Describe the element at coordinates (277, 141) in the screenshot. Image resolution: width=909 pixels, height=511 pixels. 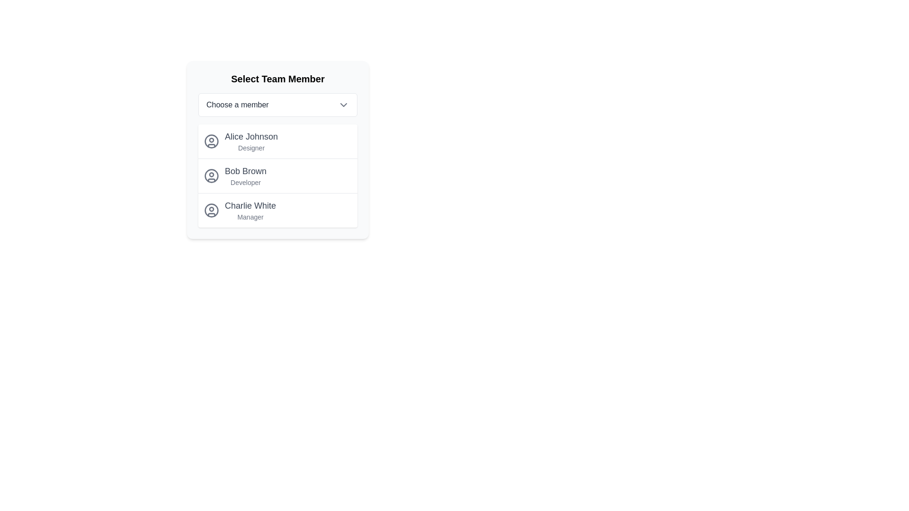
I see `the list item representing the team member named 'Alice Johnson'` at that location.